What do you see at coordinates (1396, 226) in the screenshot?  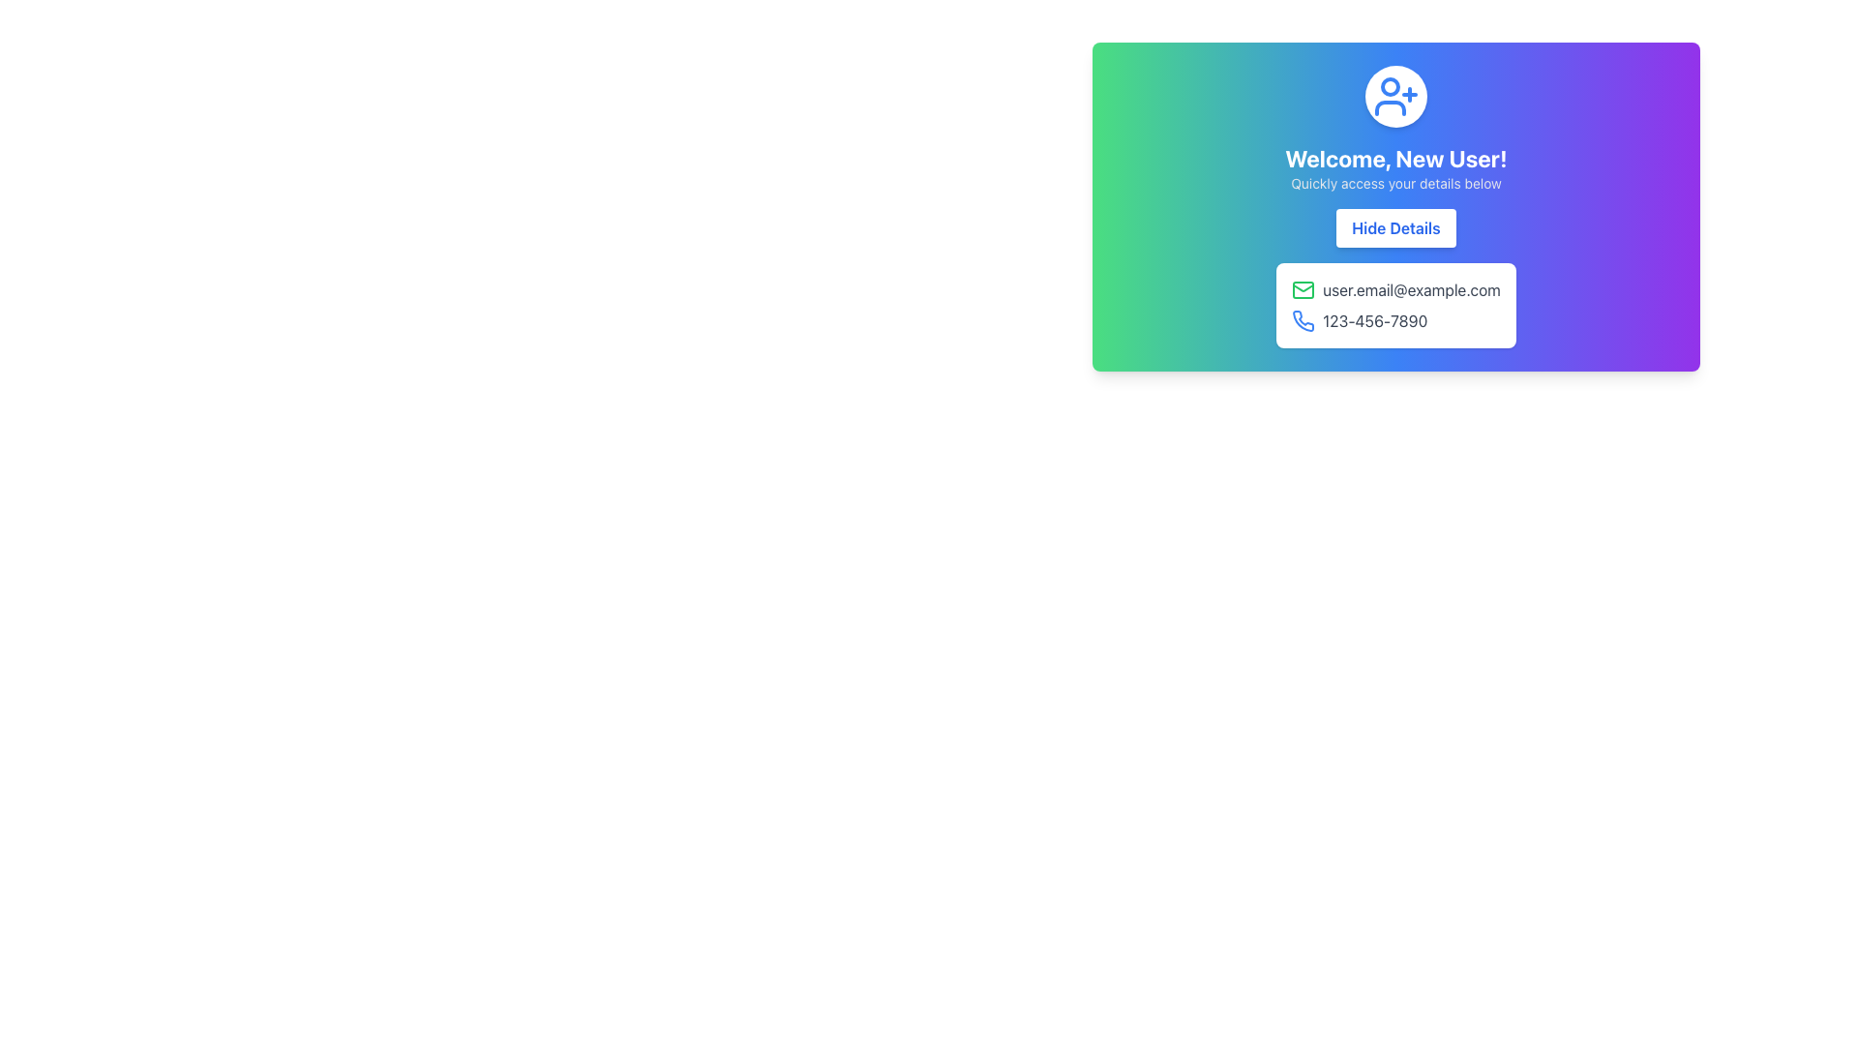 I see `the button that toggles visibility of additional user details, located below the heading 'Quickly access your details below' and above the section displaying email and phone number` at bounding box center [1396, 226].